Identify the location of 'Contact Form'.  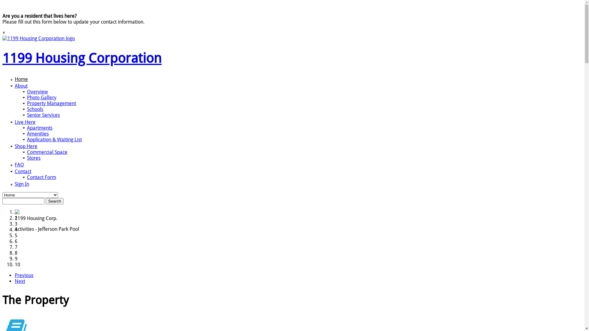
(41, 177).